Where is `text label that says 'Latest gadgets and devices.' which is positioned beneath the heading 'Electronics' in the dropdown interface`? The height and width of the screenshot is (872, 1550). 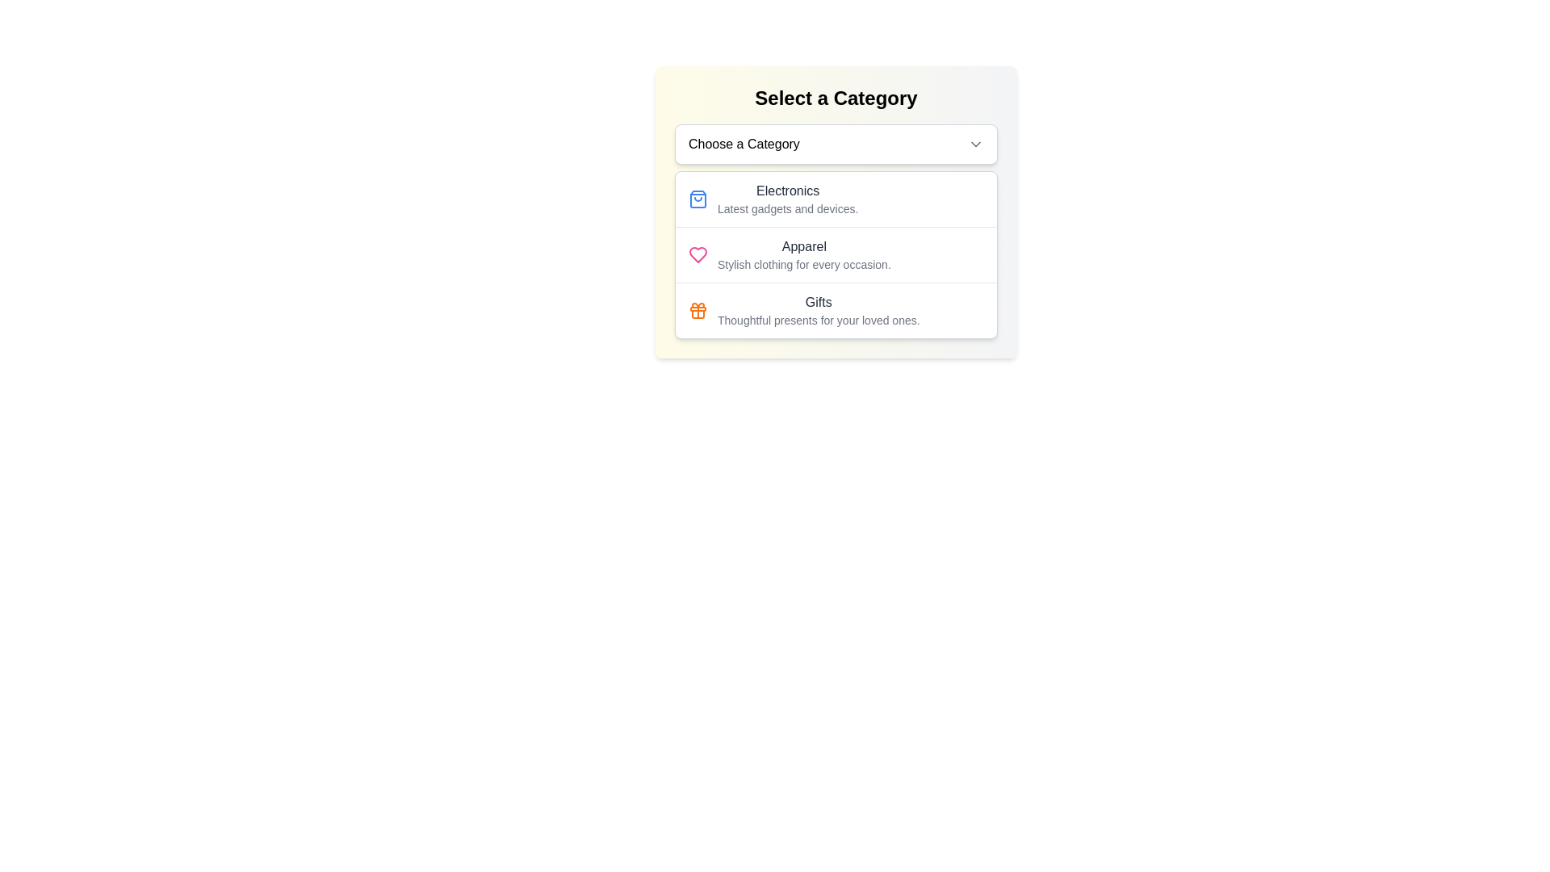 text label that says 'Latest gadgets and devices.' which is positioned beneath the heading 'Electronics' in the dropdown interface is located at coordinates (788, 208).